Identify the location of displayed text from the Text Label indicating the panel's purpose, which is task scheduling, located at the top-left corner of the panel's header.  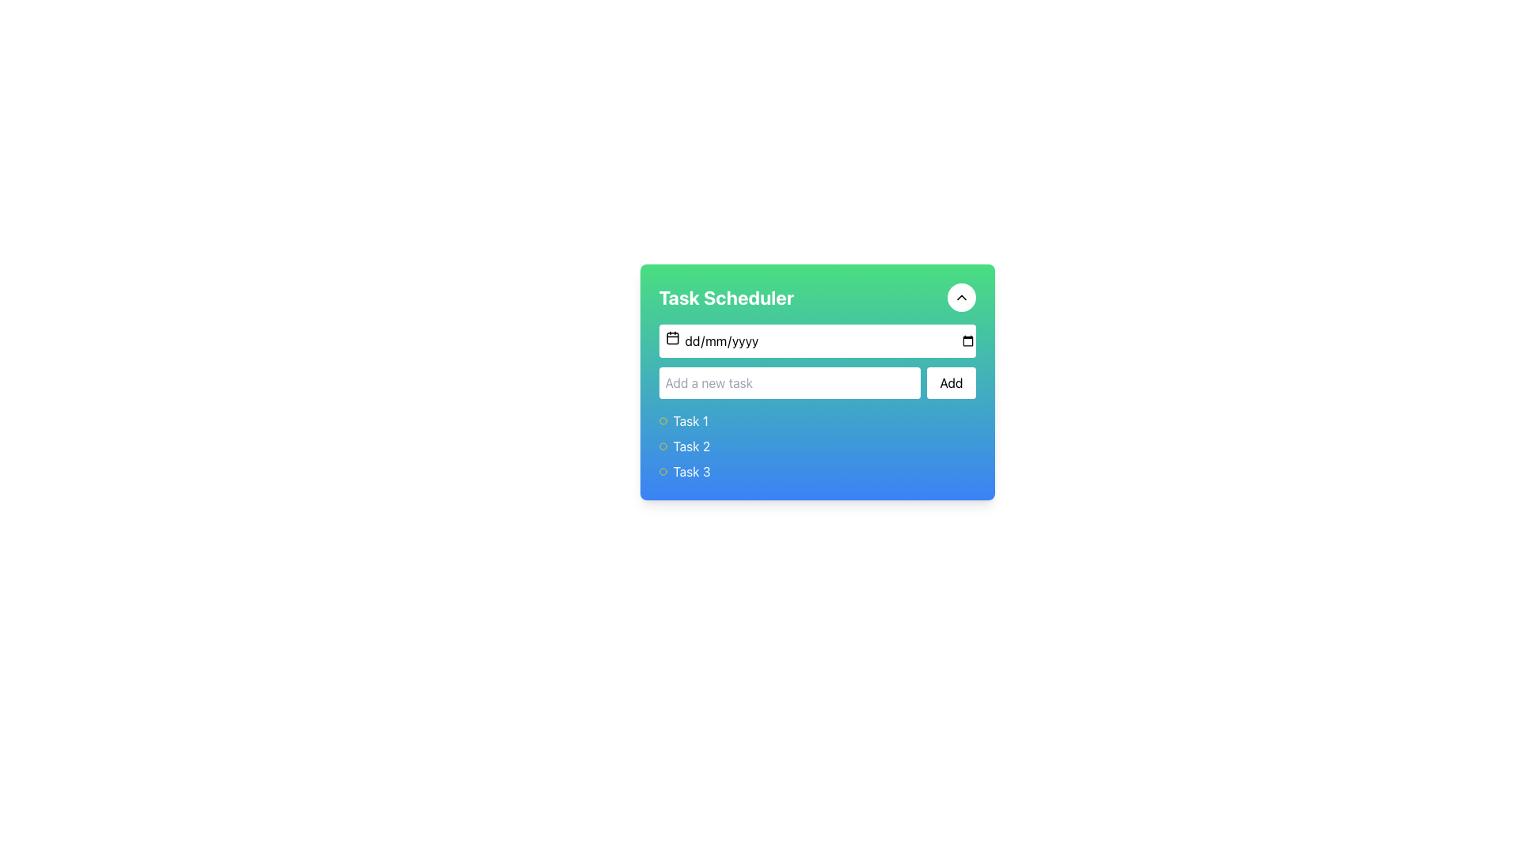
(725, 297).